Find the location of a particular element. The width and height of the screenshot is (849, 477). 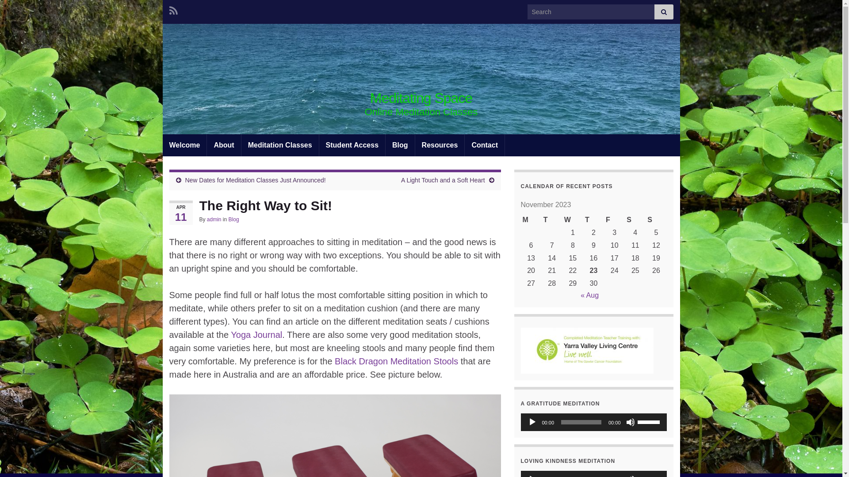

'cropped-IMG_4625-scaled-1.jpeg' is located at coordinates (421, 78).